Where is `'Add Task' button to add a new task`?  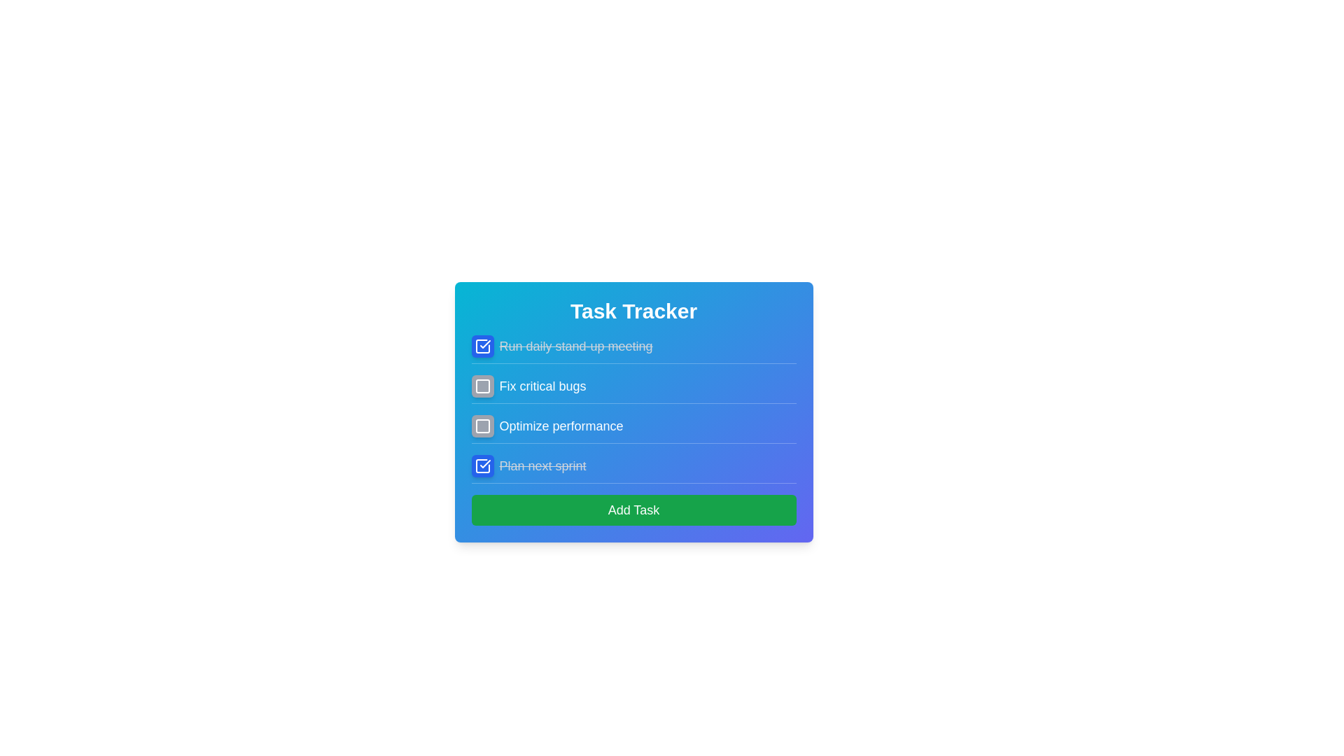 'Add Task' button to add a new task is located at coordinates (633, 510).